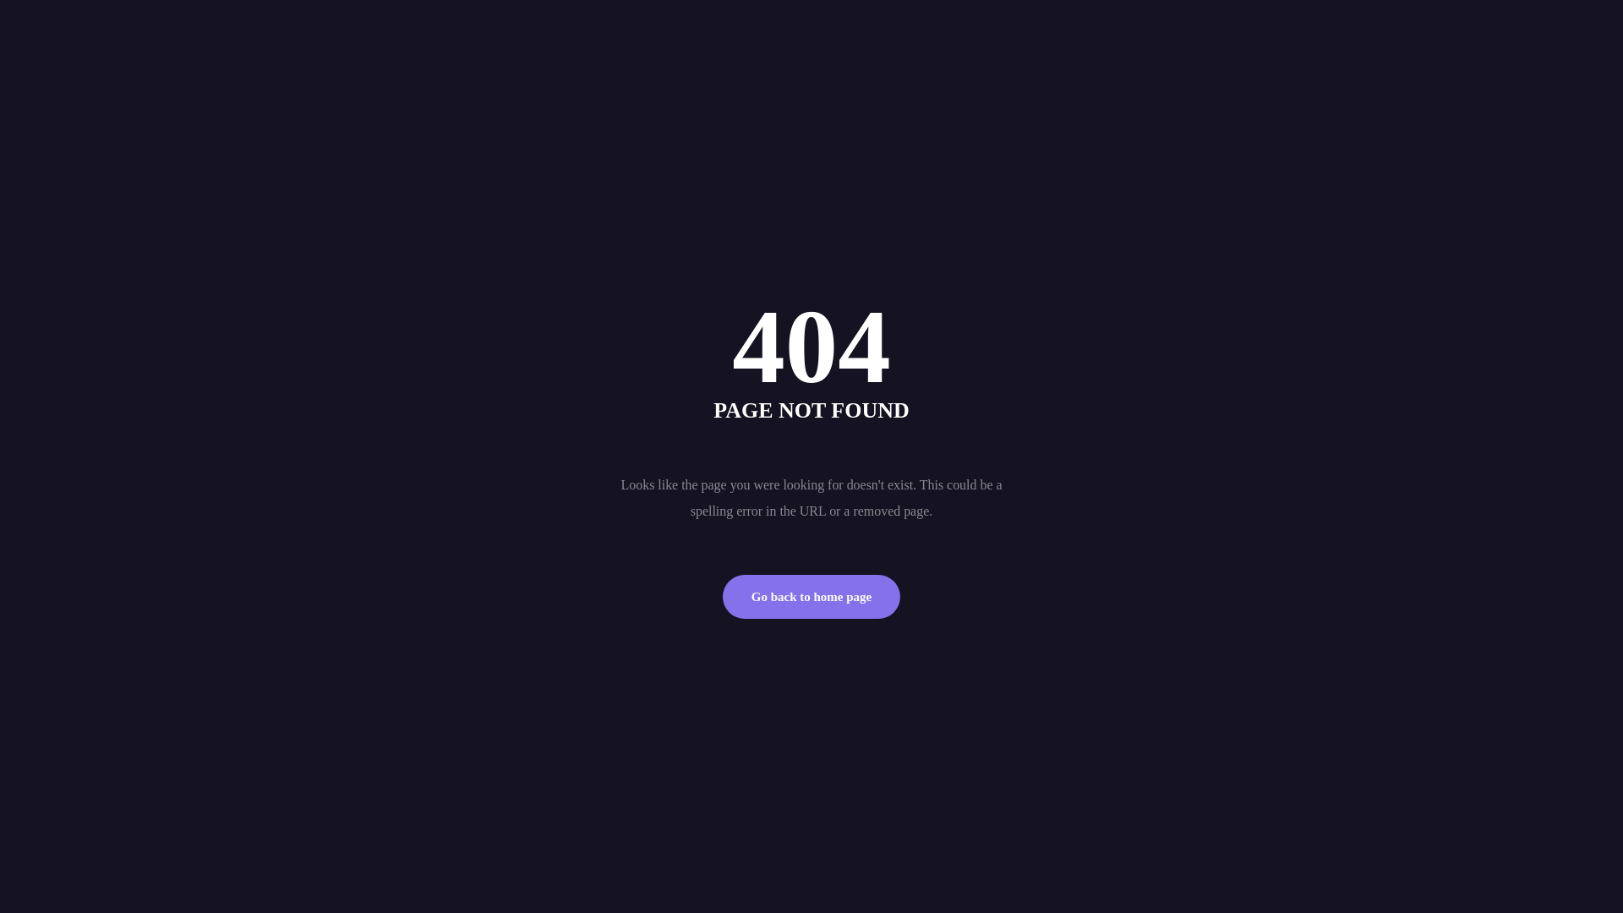 Image resolution: width=1623 pixels, height=913 pixels. I want to click on 'Go back to home page', so click(811, 595).